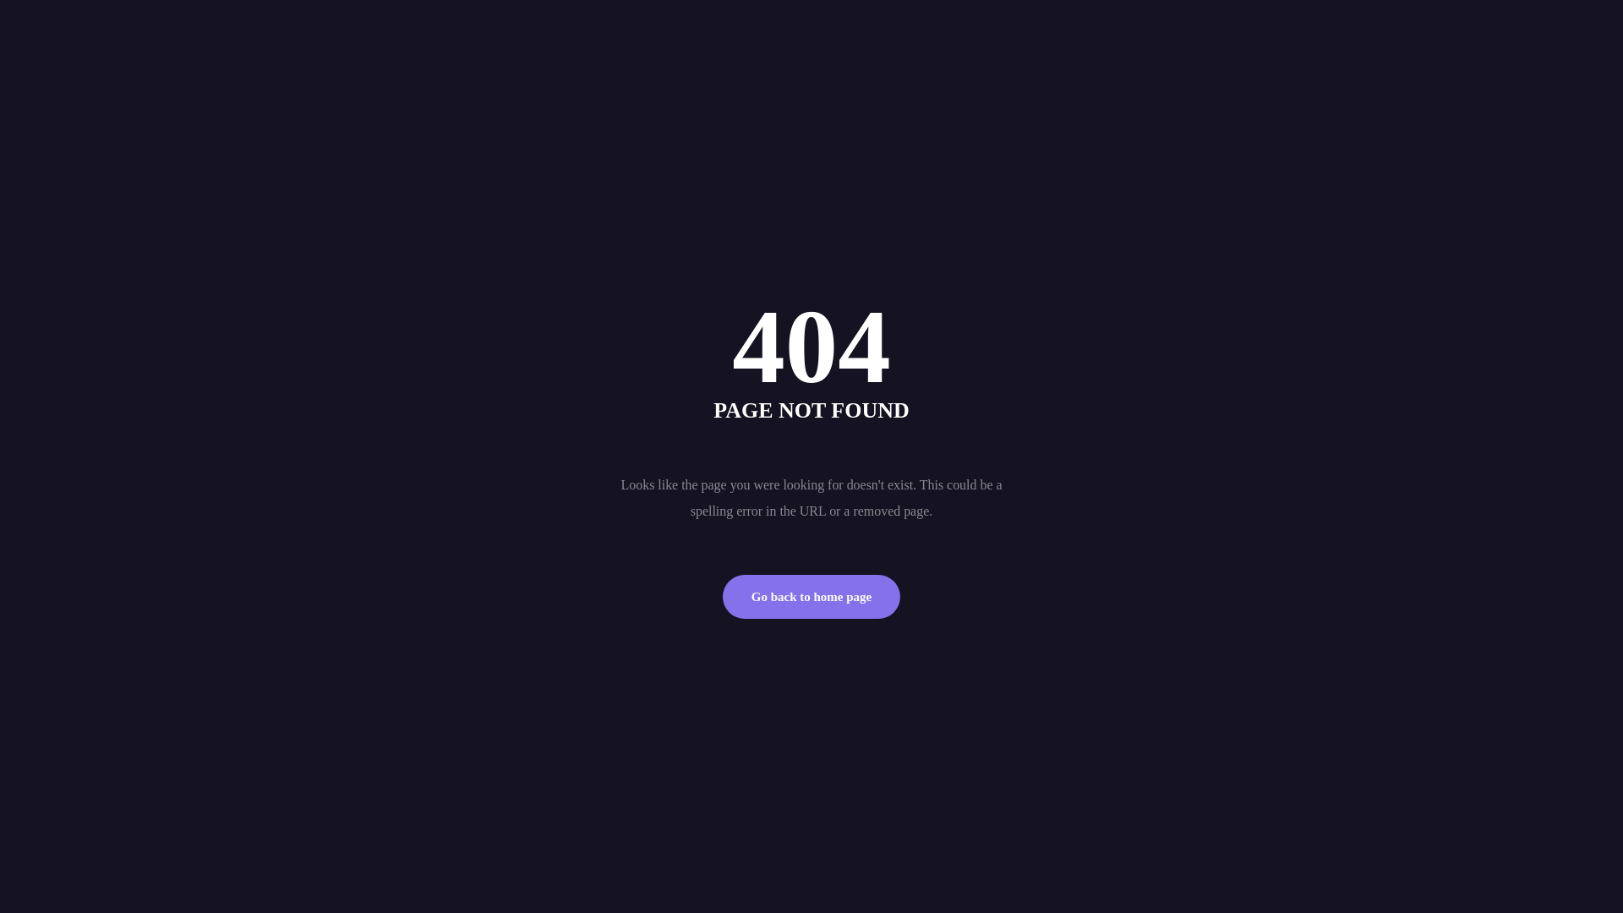 Image resolution: width=1623 pixels, height=913 pixels. I want to click on 'Go back to home page', so click(811, 595).